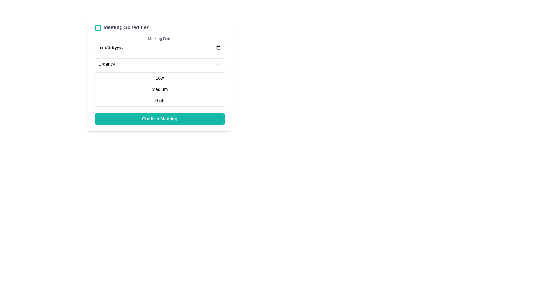  Describe the element at coordinates (98, 27) in the screenshot. I see `the teal calendar icon located to the left of the 'Meeting Scheduler' text at the top of the interface` at that location.